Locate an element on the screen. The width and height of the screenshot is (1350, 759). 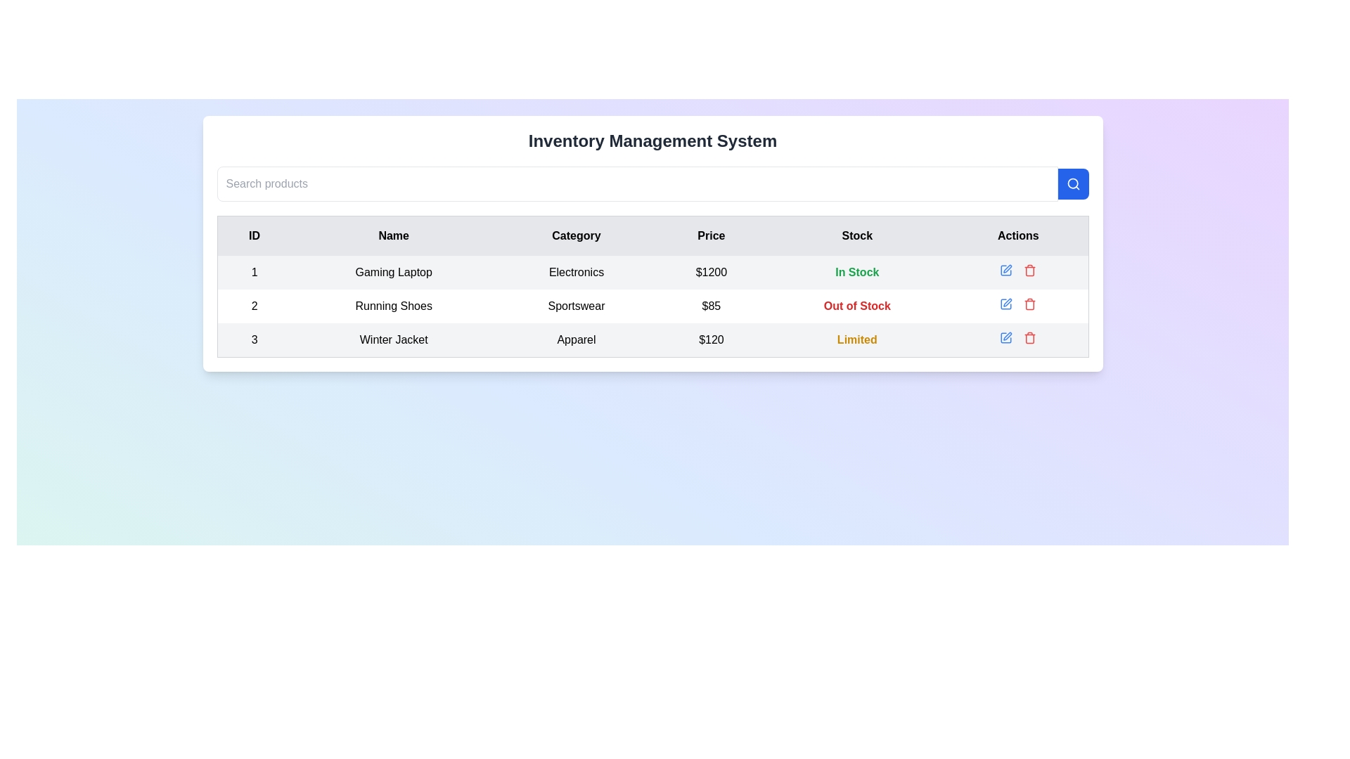
the 'edit' or 'delete' icon in the Actions column for the product 'Running Shoes' is located at coordinates (1018, 303).